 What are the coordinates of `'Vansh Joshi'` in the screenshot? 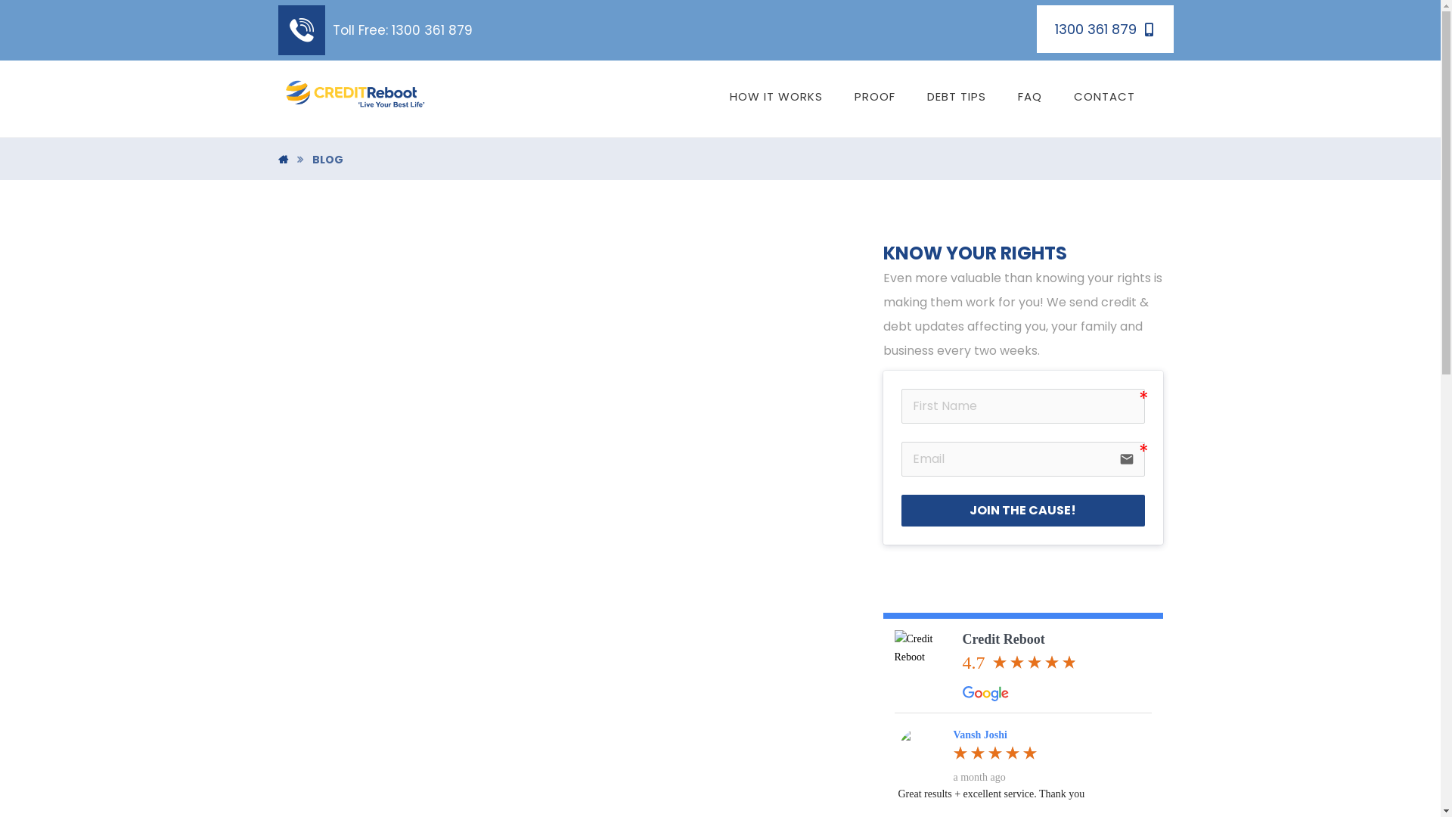 It's located at (979, 734).